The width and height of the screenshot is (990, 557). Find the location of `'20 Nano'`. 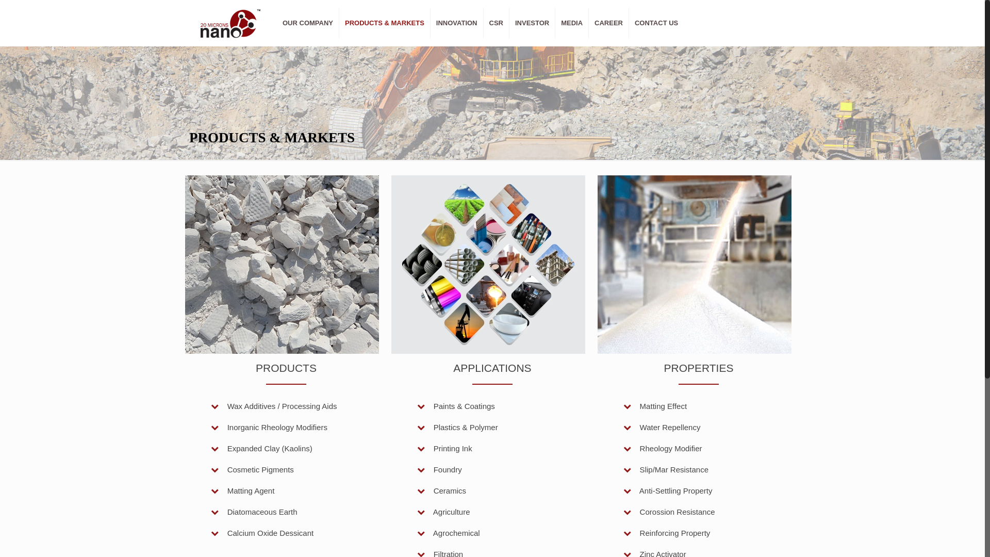

'20 Nano' is located at coordinates (229, 23).